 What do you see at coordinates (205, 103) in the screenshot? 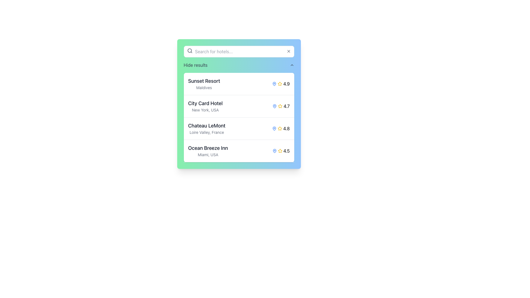
I see `the text label displaying 'City Card Hotel', which is styled prominently as a headline in the hotel options list` at bounding box center [205, 103].